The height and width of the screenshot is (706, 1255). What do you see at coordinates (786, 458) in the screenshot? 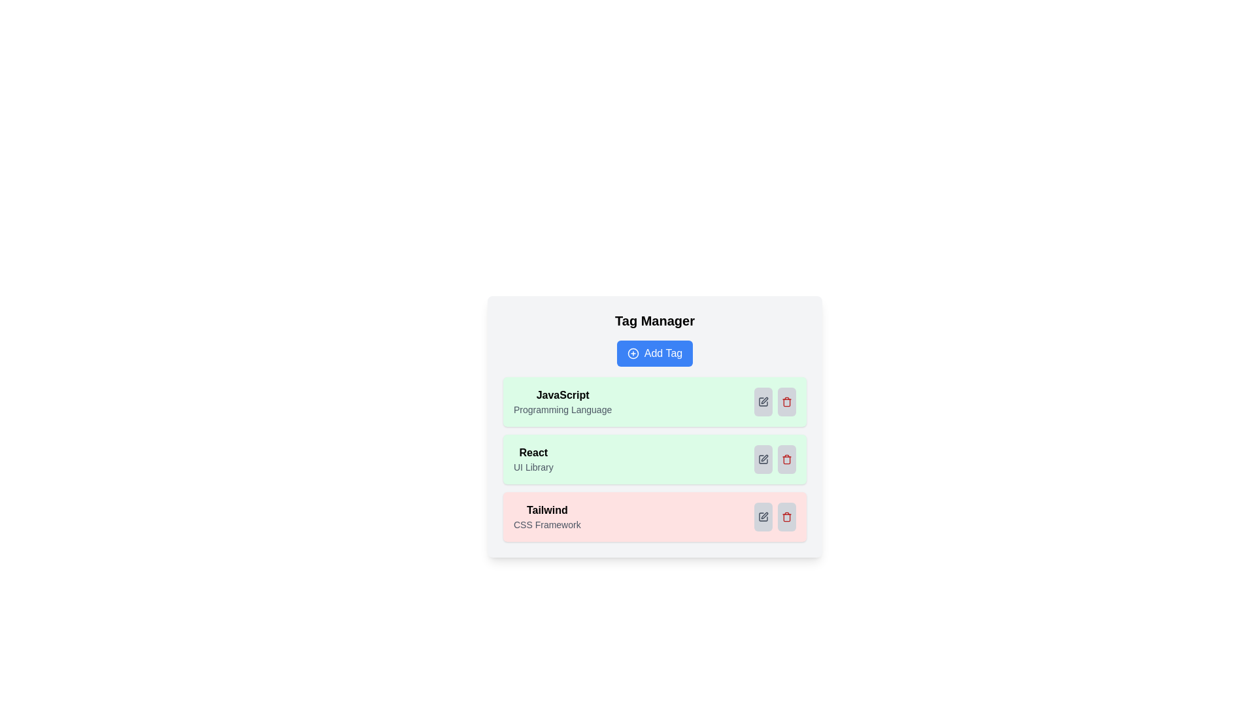
I see `the trash icon corresponding to the tag React to delete it` at bounding box center [786, 458].